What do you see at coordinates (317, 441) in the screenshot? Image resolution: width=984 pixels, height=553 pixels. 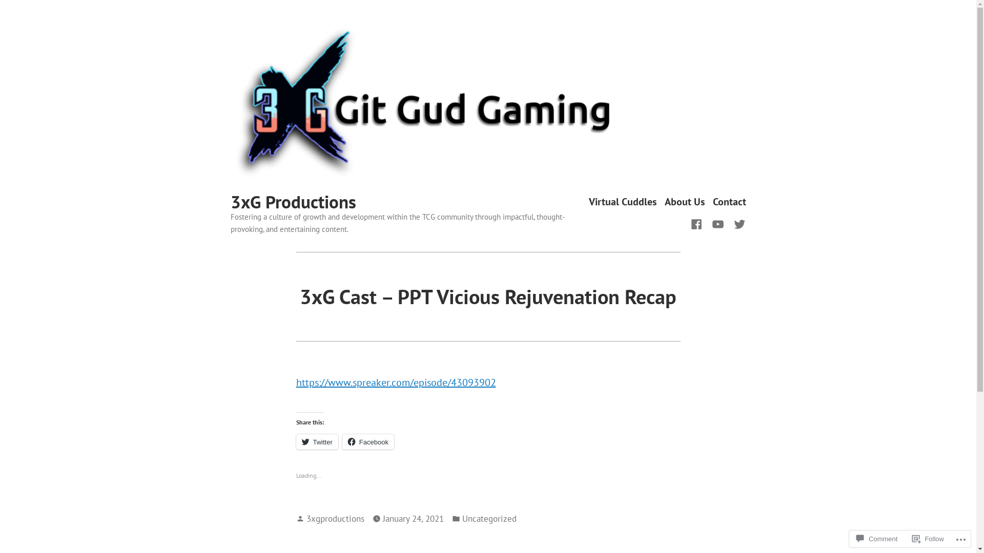 I see `'Twitter'` at bounding box center [317, 441].